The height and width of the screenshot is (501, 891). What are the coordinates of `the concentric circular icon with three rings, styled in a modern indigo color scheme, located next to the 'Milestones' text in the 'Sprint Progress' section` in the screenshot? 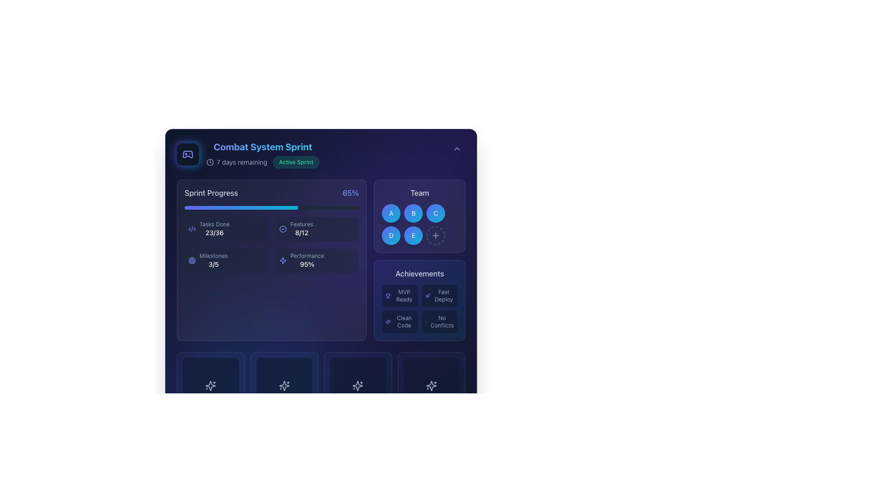 It's located at (191, 261).